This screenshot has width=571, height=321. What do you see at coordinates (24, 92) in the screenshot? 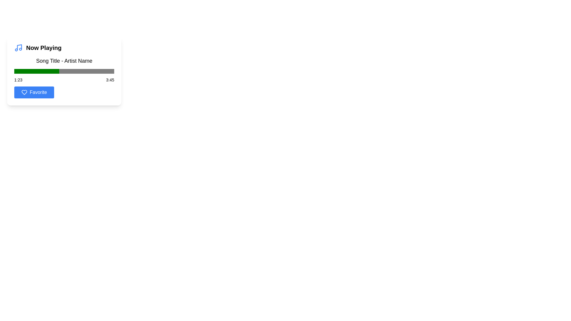
I see `the 'heart' icon located to the left of the 'Favorite' text within the button below the music player card` at bounding box center [24, 92].